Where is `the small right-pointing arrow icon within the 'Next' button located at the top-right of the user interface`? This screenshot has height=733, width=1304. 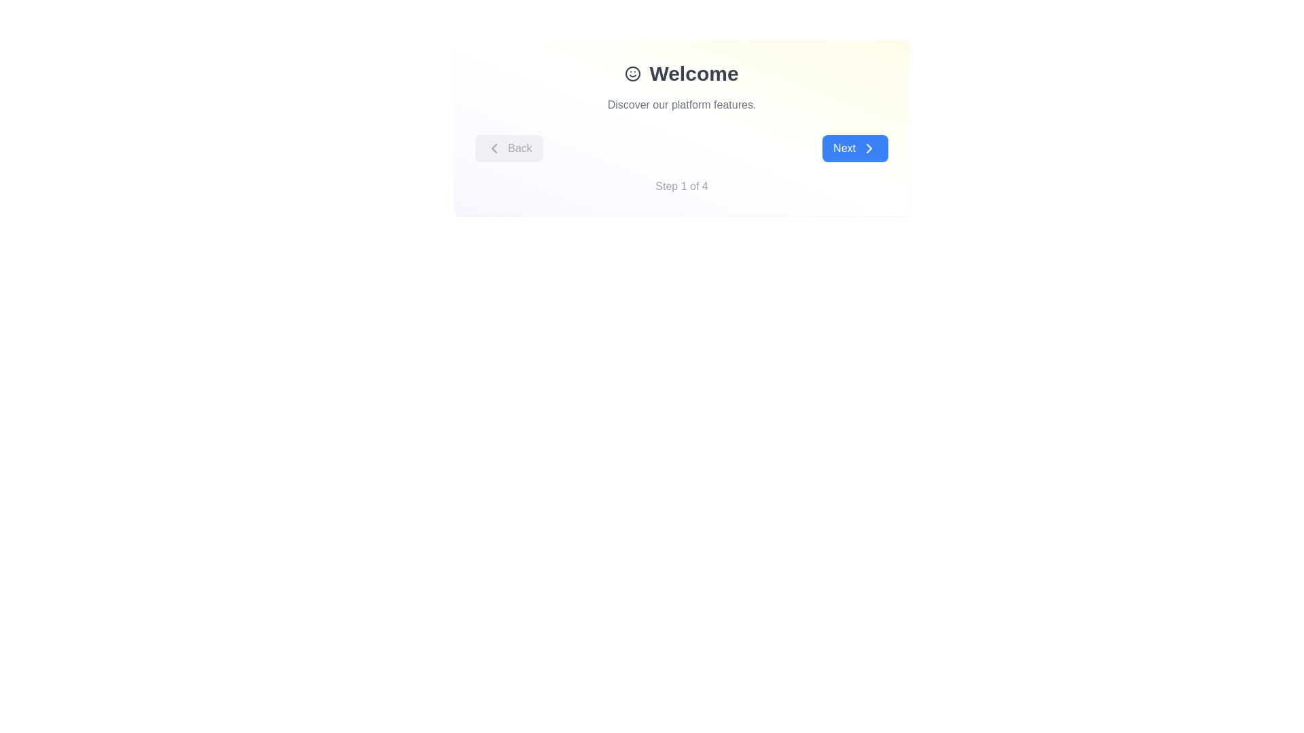 the small right-pointing arrow icon within the 'Next' button located at the top-right of the user interface is located at coordinates (869, 149).